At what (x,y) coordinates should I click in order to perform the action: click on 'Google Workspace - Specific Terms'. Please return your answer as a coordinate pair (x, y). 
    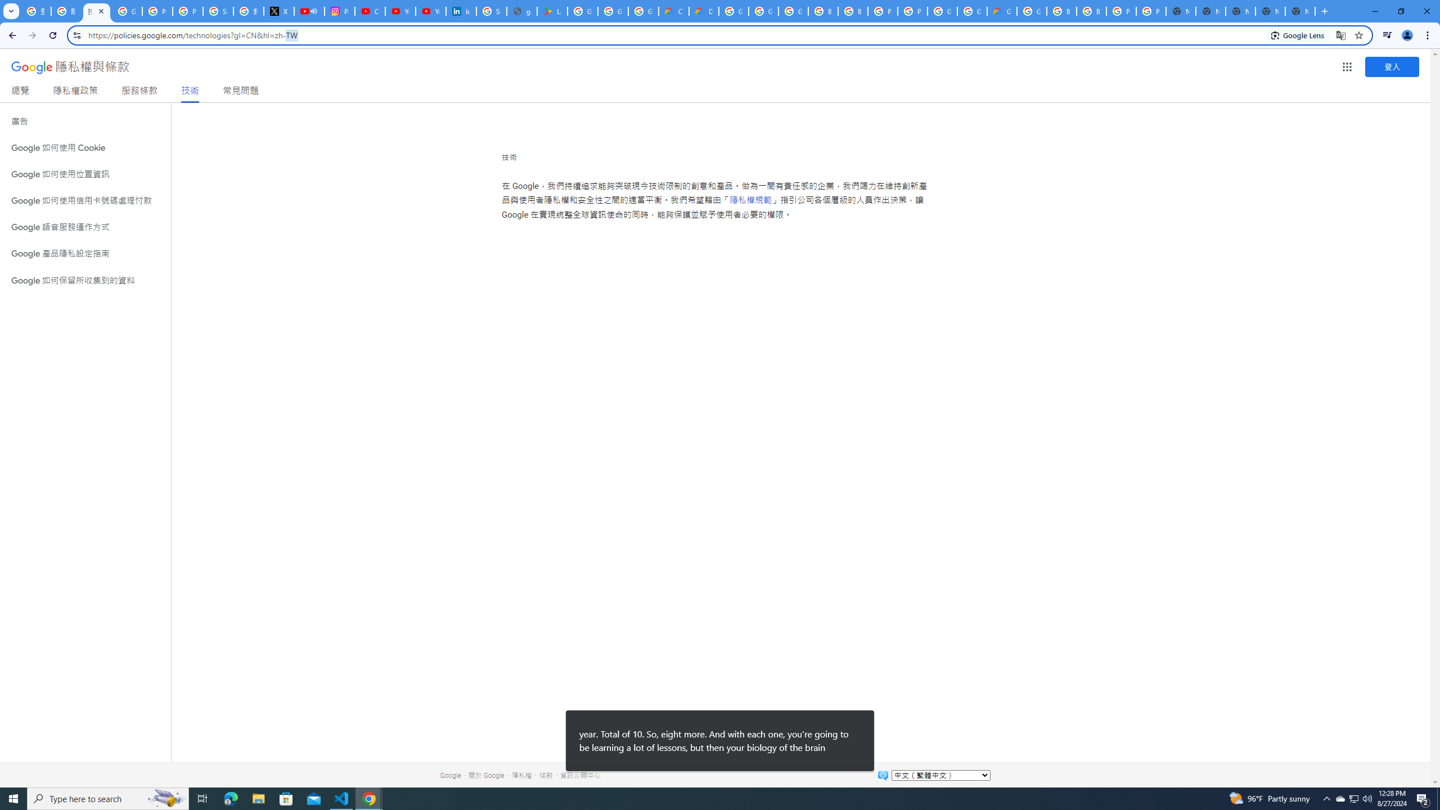
    Looking at the image, I should click on (643, 11).